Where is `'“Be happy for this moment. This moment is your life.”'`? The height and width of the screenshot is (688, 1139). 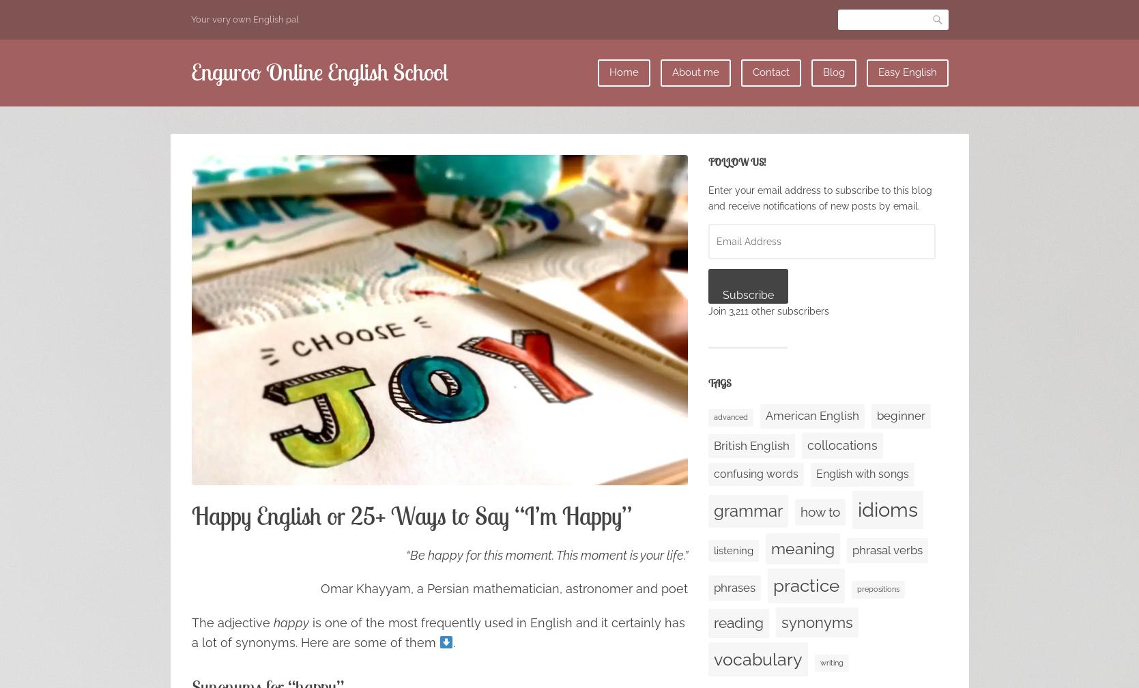
'“Be happy for this moment. This moment is your life.”' is located at coordinates (546, 554).